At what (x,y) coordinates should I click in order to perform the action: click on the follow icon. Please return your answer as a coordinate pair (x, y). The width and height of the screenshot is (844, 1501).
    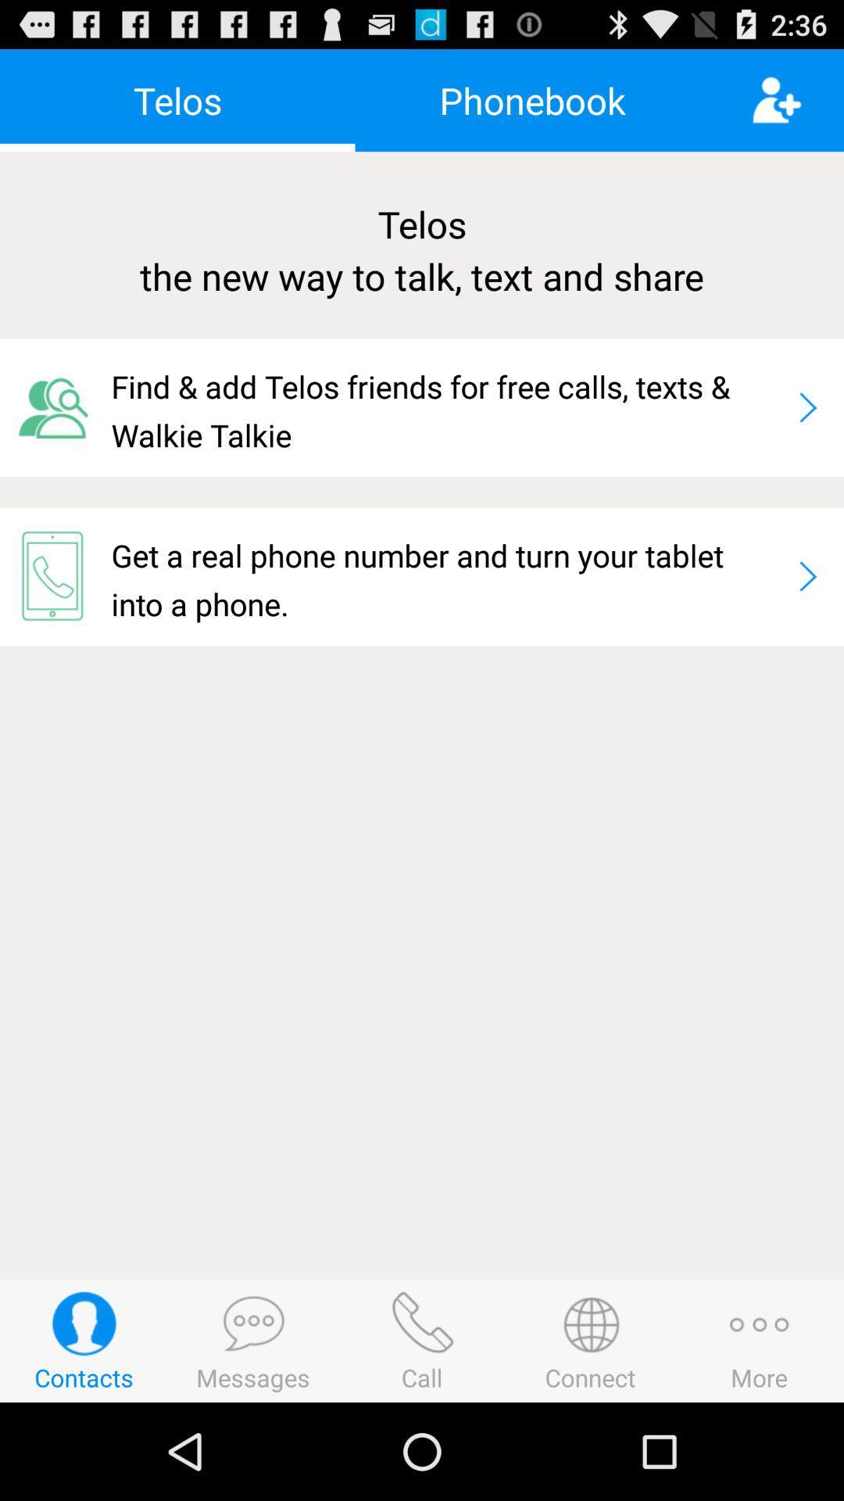
    Looking at the image, I should click on (797, 106).